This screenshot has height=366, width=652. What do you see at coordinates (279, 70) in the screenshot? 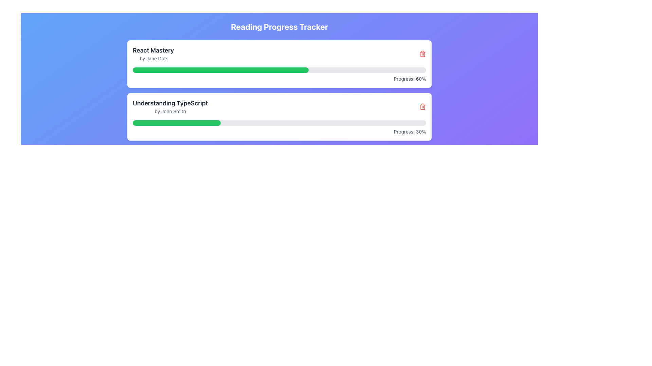
I see `the Progress Bar that visually represents the completion percentage of the 'React Mastery' course by Jane Doe, located in the top section of the interface` at bounding box center [279, 70].